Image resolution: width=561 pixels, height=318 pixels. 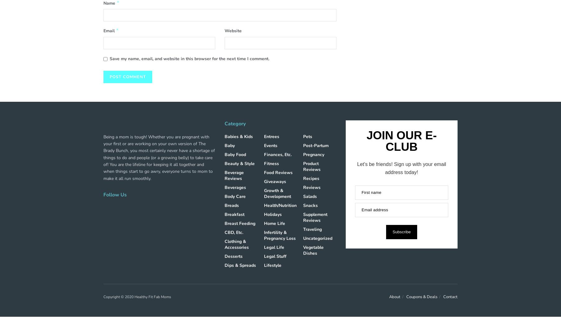 I want to click on 'Beauty & Style', so click(x=239, y=163).